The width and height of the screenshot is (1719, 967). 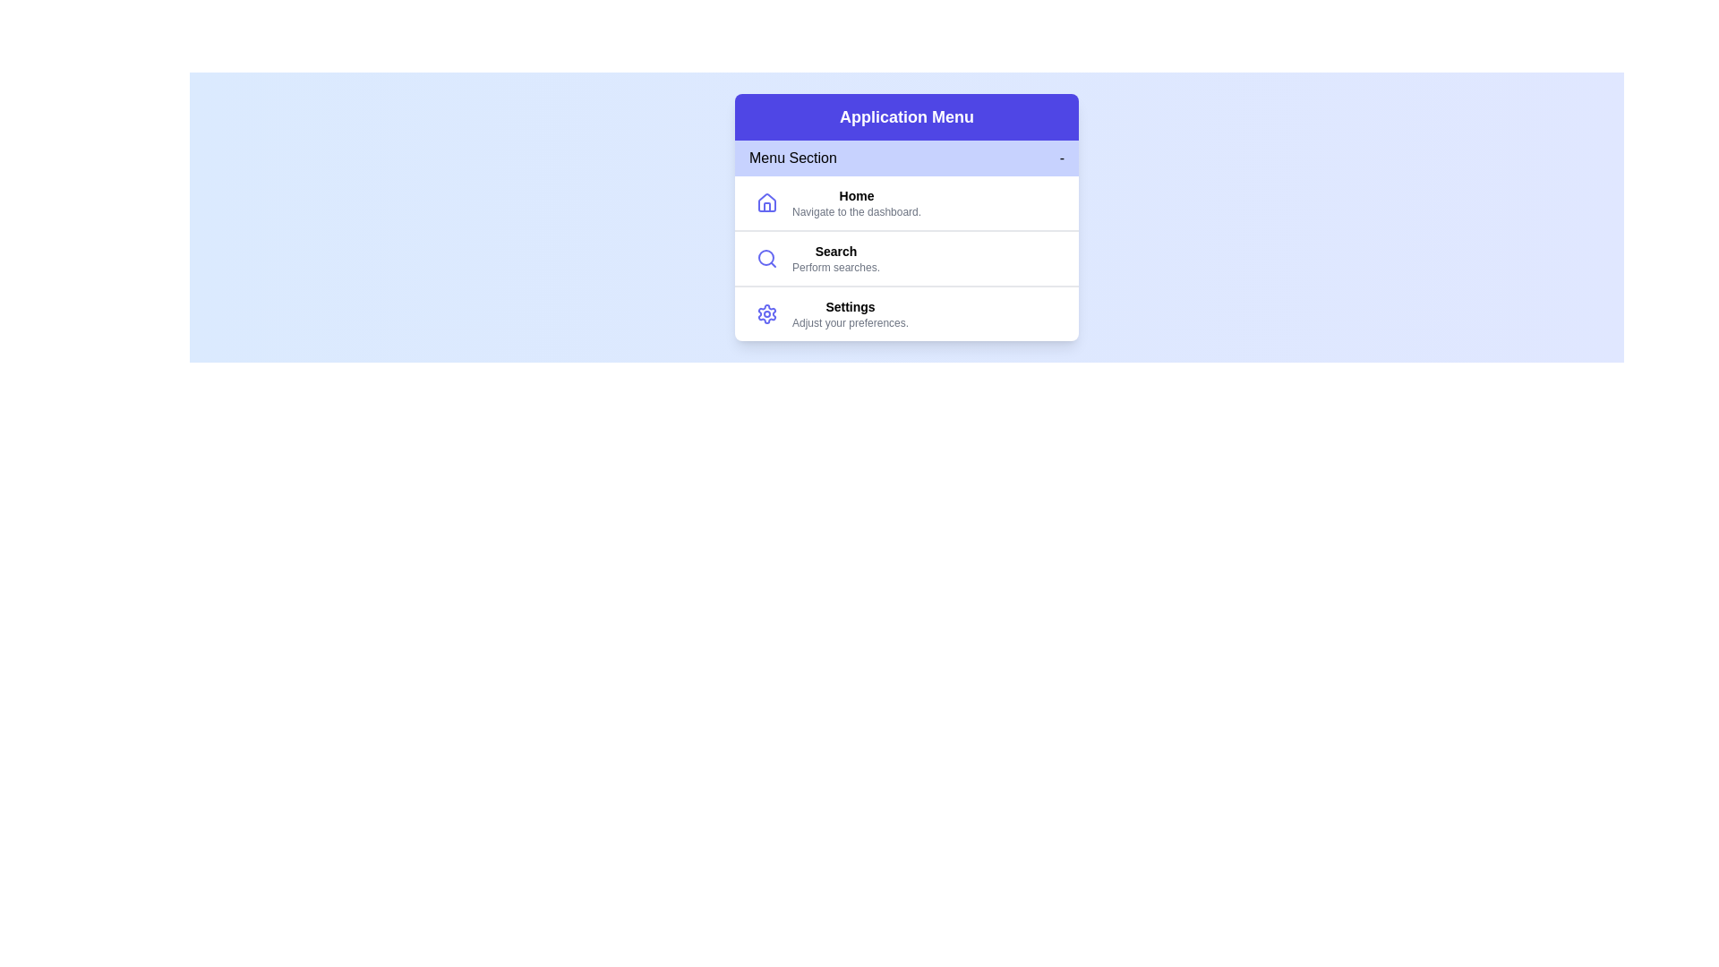 What do you see at coordinates (767, 259) in the screenshot?
I see `the icon representing Search to inspect it` at bounding box center [767, 259].